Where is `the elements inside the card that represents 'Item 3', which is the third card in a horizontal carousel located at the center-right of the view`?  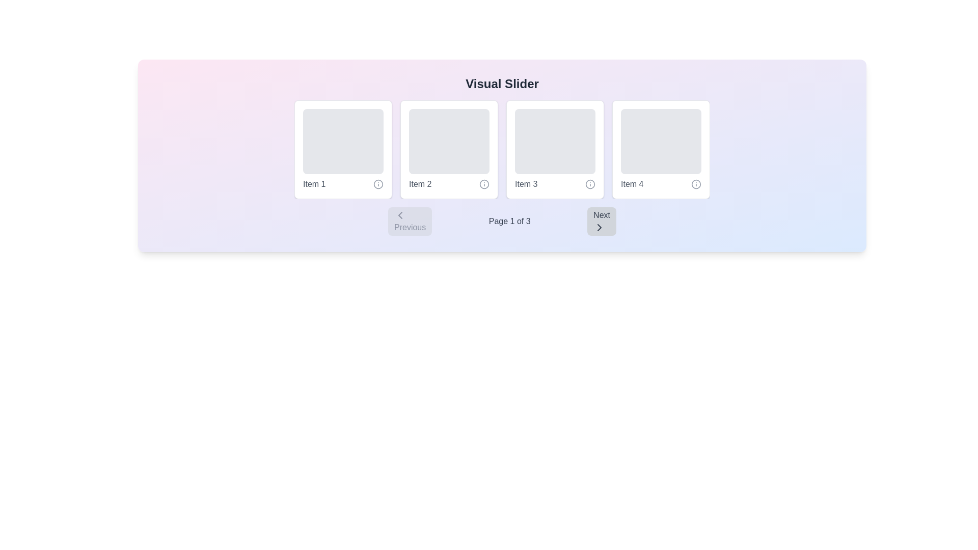
the elements inside the card that represents 'Item 3', which is the third card in a horizontal carousel located at the center-right of the view is located at coordinates (554, 149).